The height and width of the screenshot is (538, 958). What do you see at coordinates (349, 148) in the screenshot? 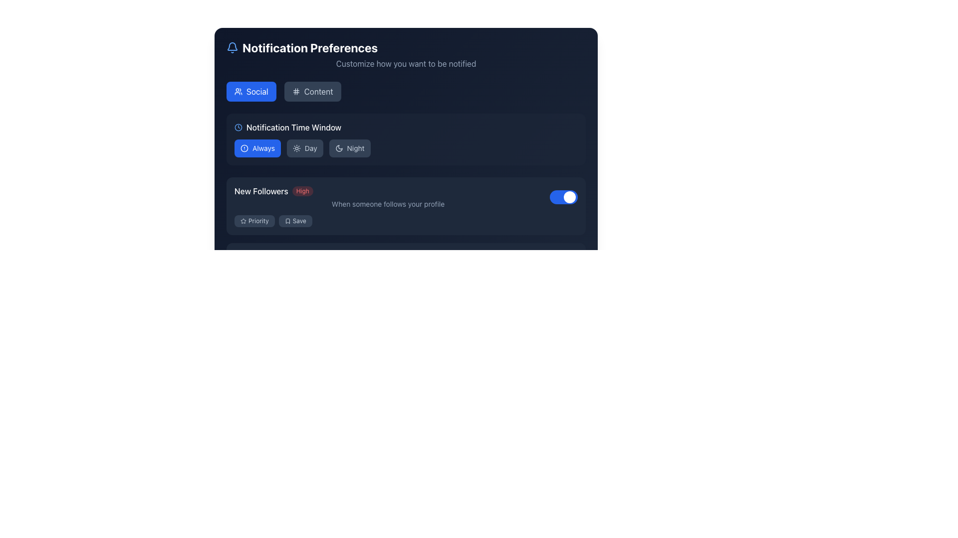
I see `the 'Night' notification time window button located in the notification preference section under the 'Notification Time Window' label, which is the third option in a horizontal button group` at bounding box center [349, 148].